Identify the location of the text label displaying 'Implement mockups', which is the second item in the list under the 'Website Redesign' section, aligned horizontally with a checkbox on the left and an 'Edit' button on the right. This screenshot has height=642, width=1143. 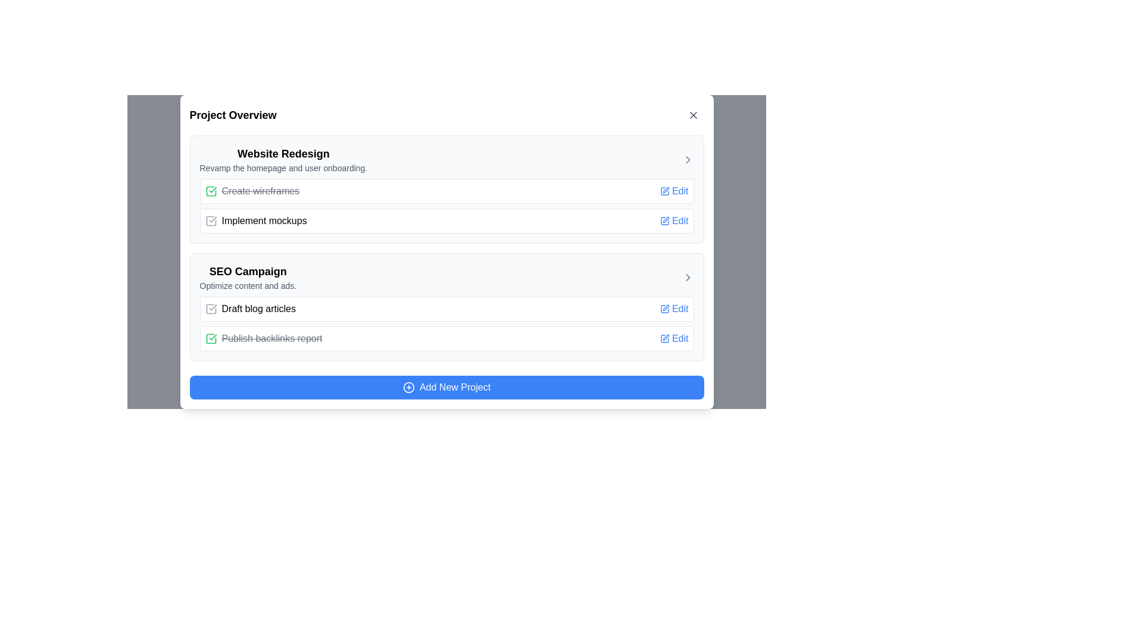
(264, 221).